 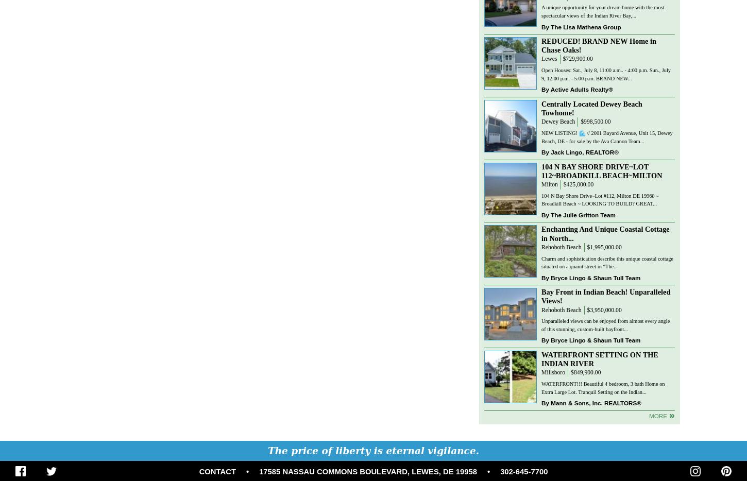 What do you see at coordinates (582, 214) in the screenshot?
I see `'The Julie Gritton Team'` at bounding box center [582, 214].